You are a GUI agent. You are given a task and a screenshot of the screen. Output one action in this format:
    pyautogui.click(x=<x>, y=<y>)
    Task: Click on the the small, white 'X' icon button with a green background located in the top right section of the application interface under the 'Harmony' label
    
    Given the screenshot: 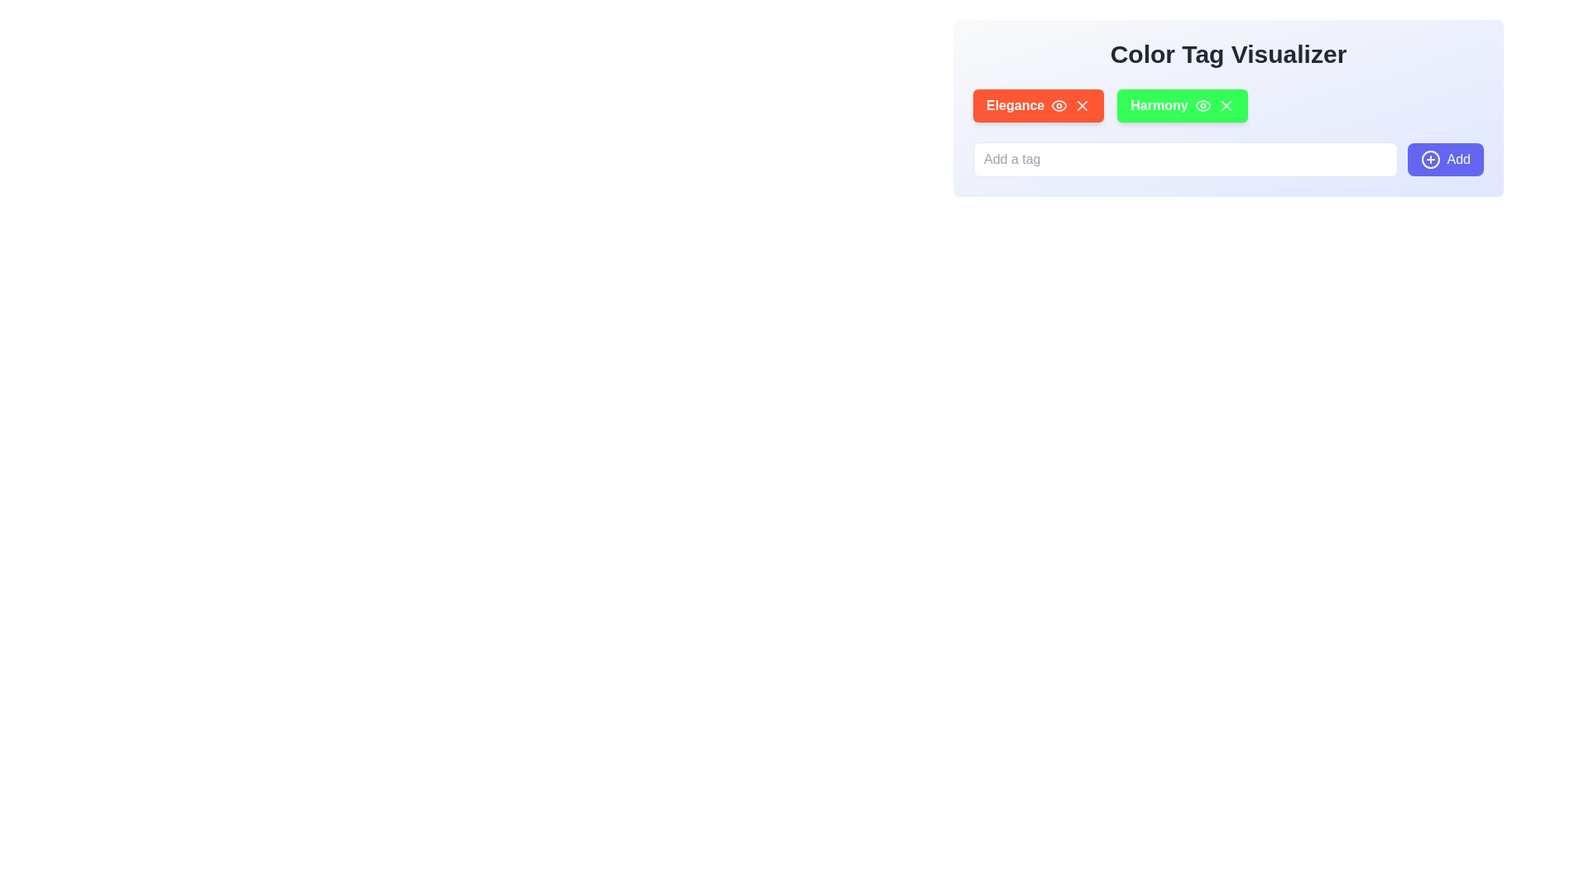 What is the action you would take?
    pyautogui.click(x=1226, y=105)
    